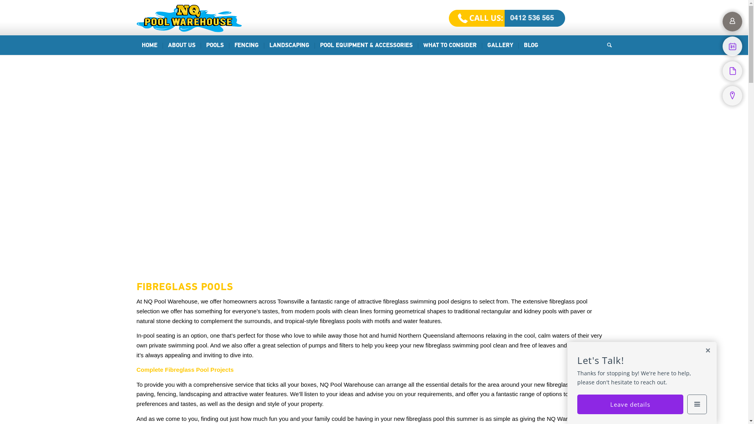  What do you see at coordinates (149, 45) in the screenshot?
I see `'HOME'` at bounding box center [149, 45].